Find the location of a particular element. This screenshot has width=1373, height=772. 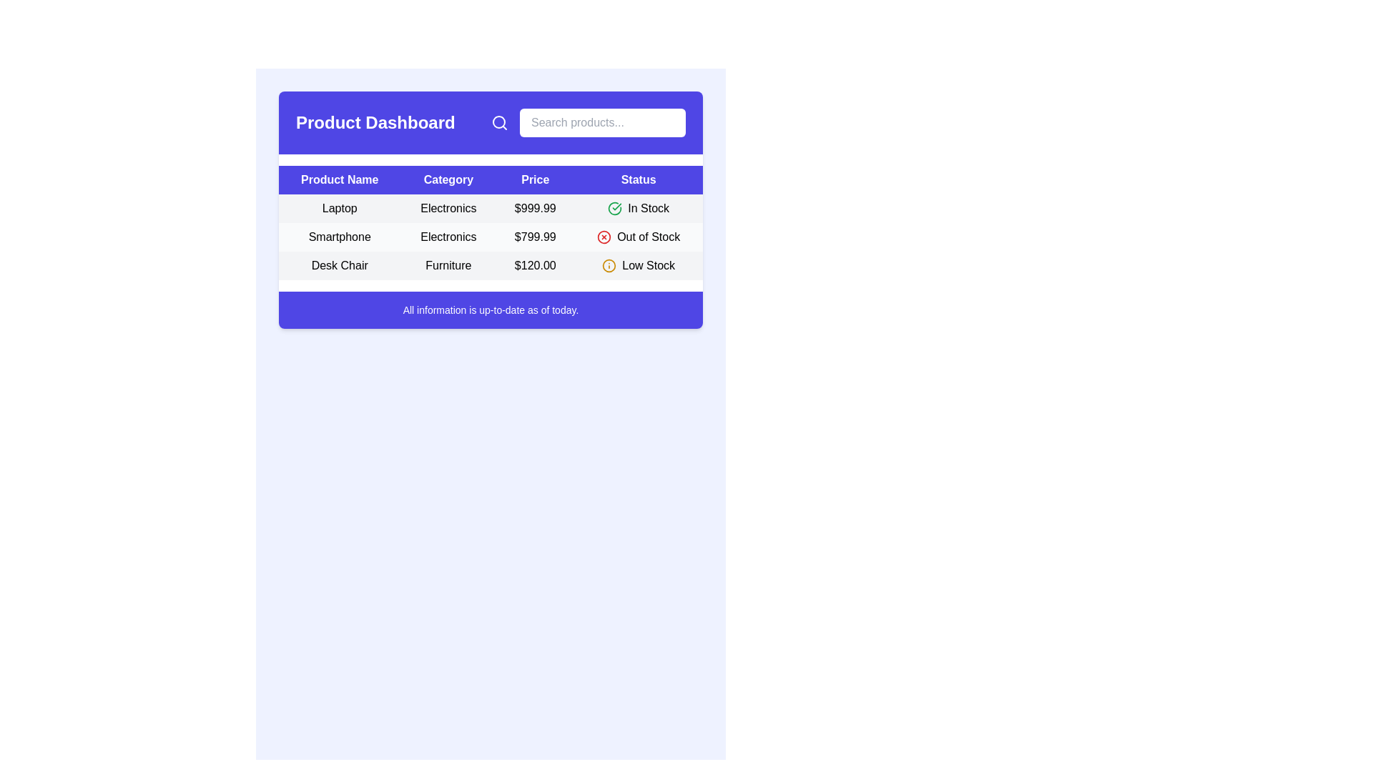

the 'Out of Stock' status icon in the 'Status' column of the 'Smartphone' row in the data table is located at coordinates (604, 236).